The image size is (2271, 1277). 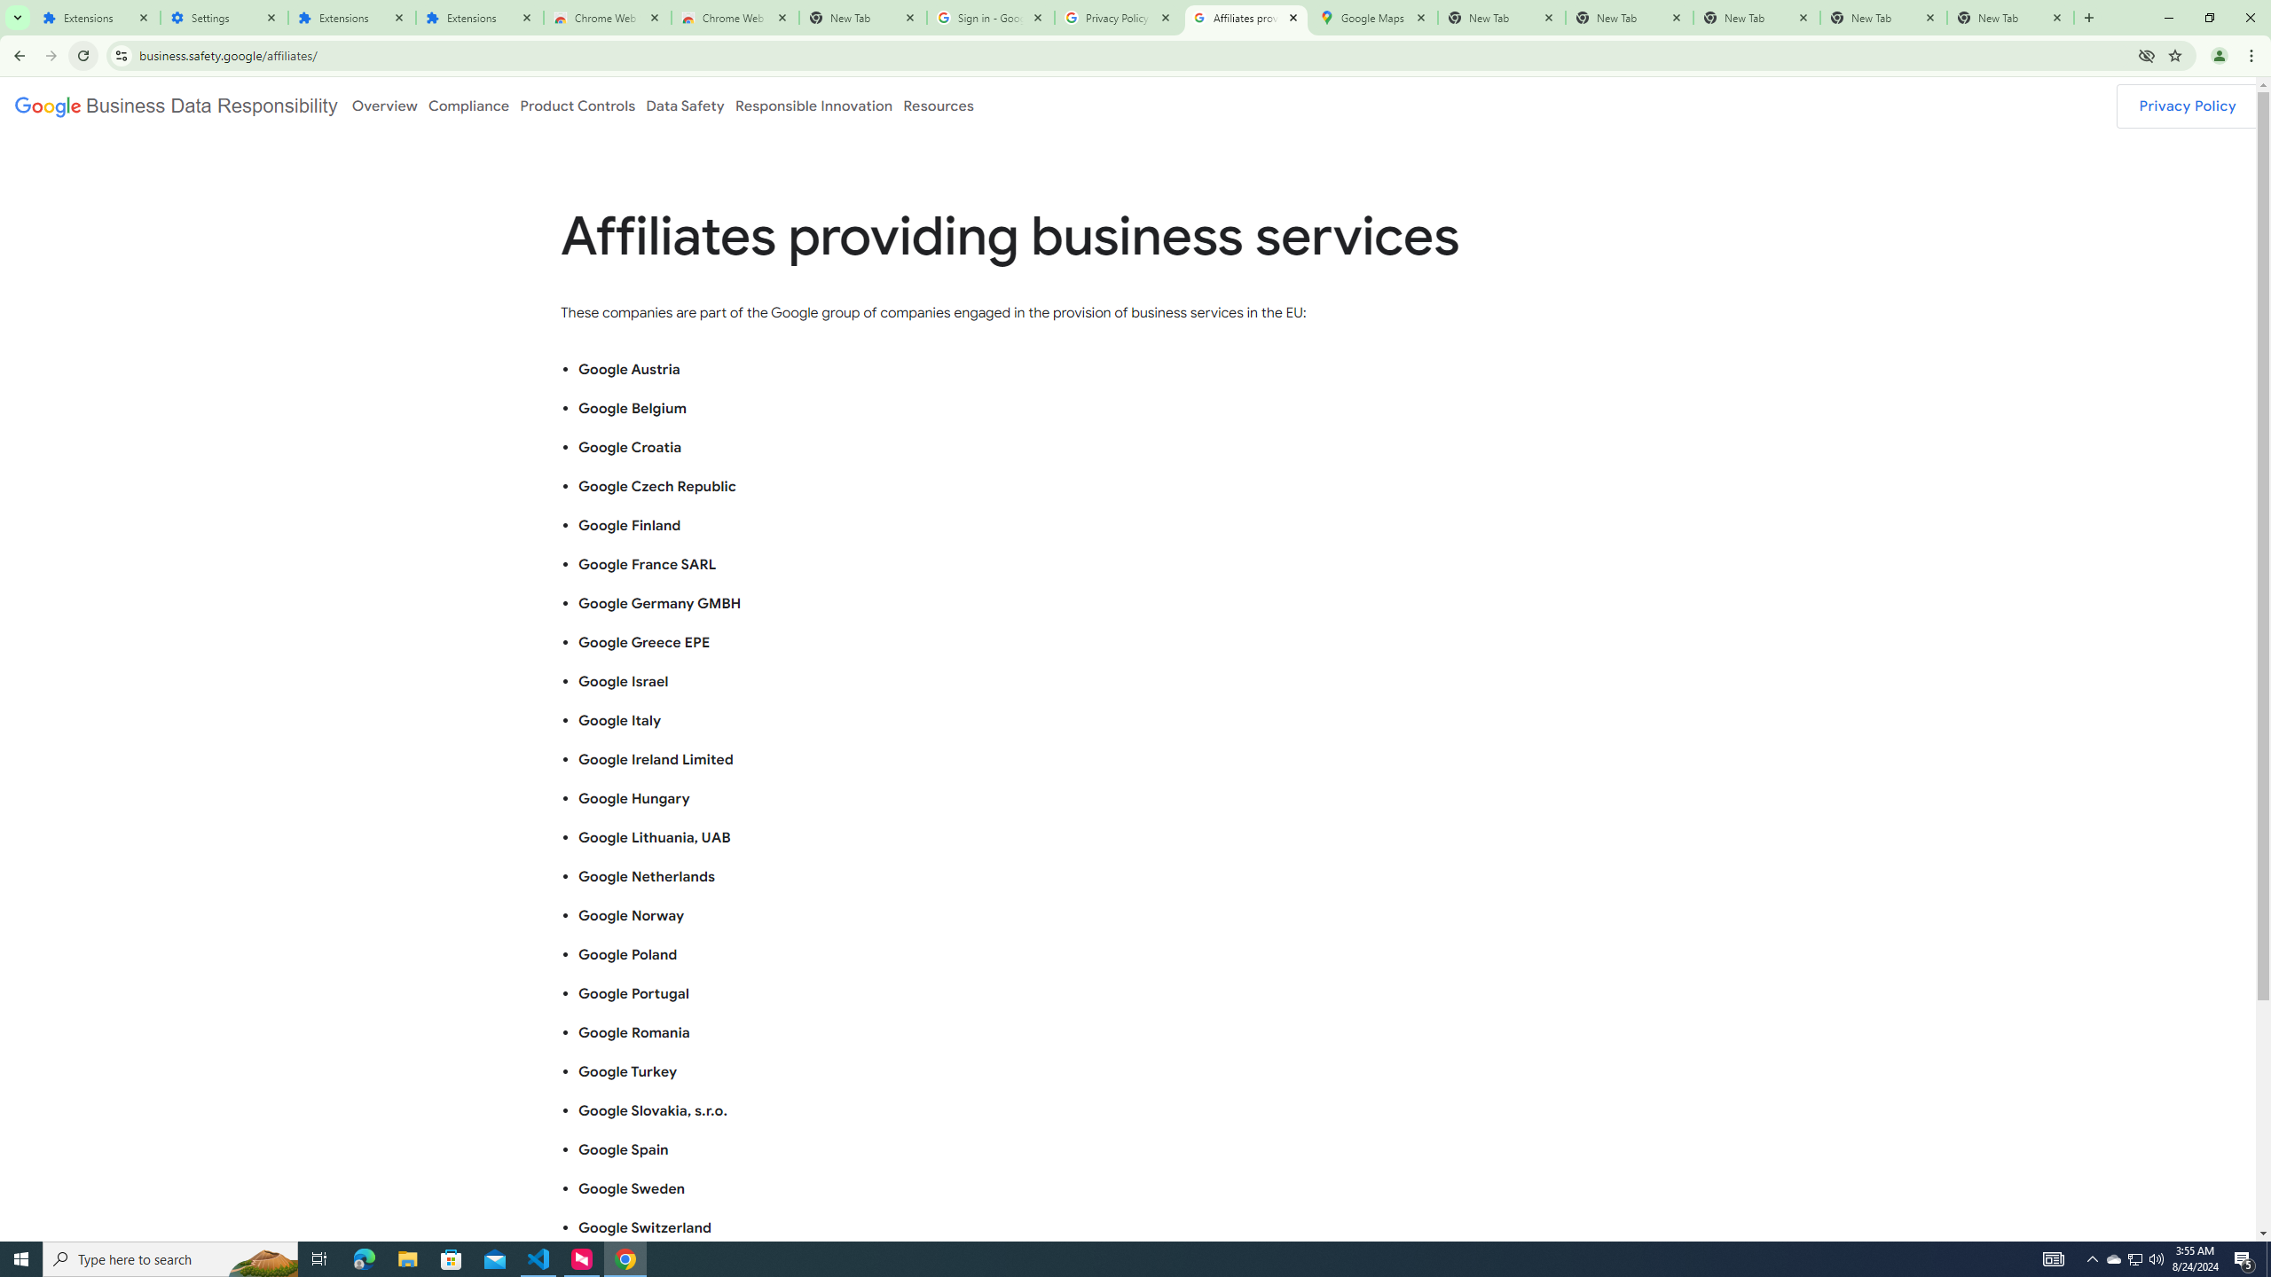 What do you see at coordinates (95, 17) in the screenshot?
I see `'Extensions'` at bounding box center [95, 17].